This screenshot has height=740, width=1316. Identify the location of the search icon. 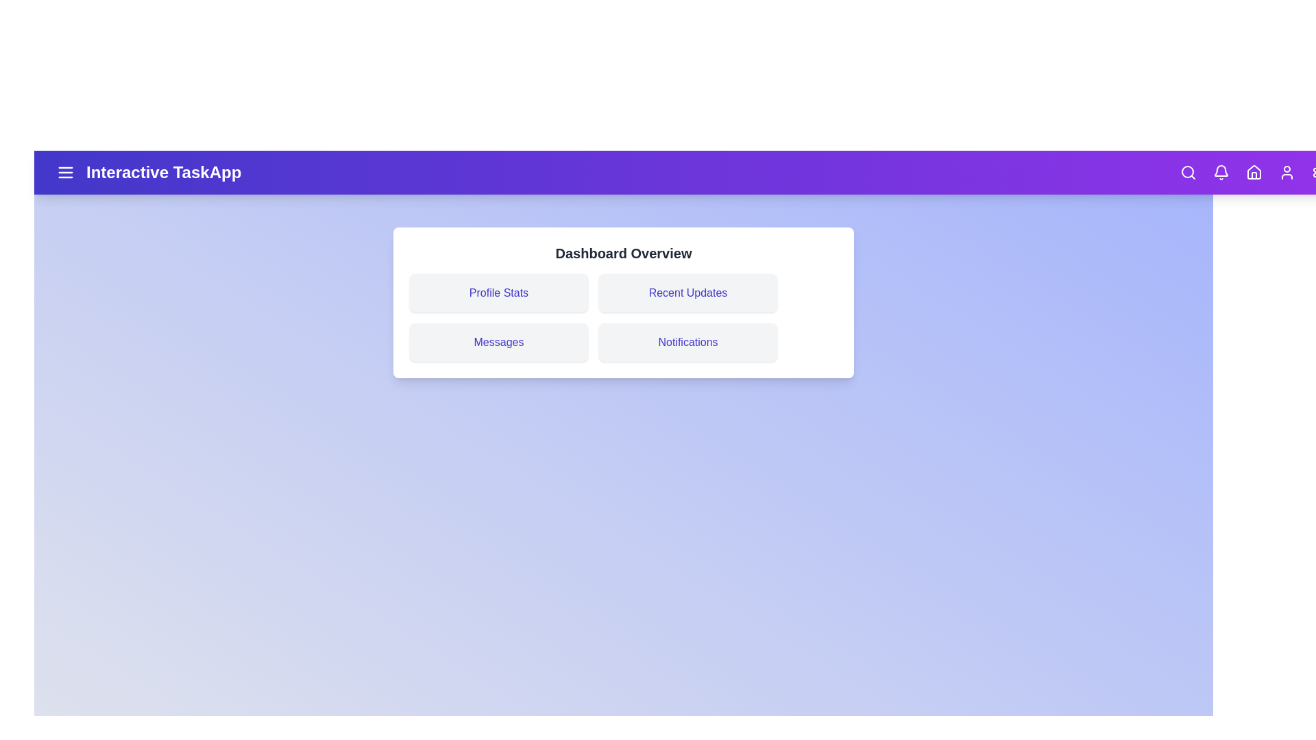
(1187, 171).